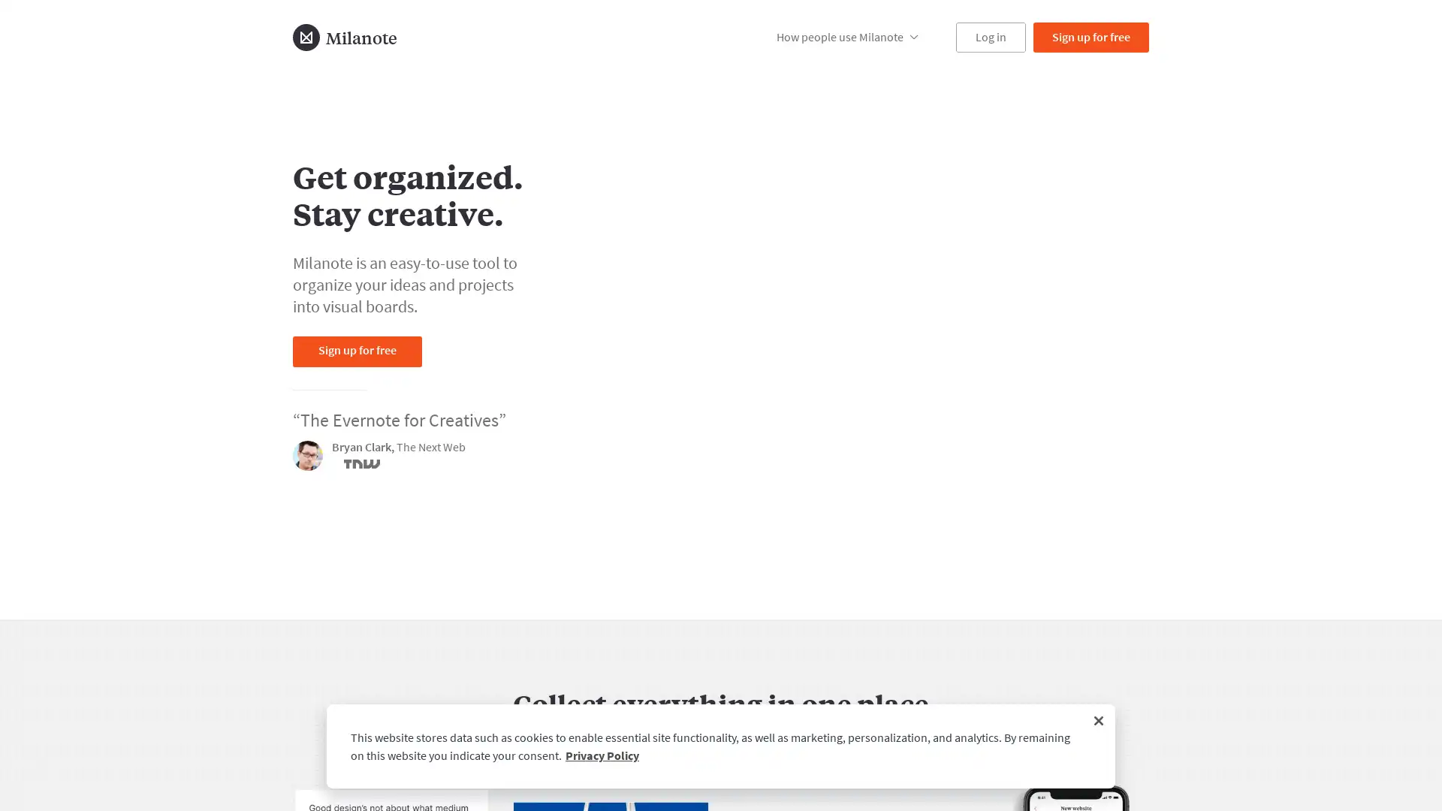  Describe the element at coordinates (1099, 720) in the screenshot. I see `Close` at that location.